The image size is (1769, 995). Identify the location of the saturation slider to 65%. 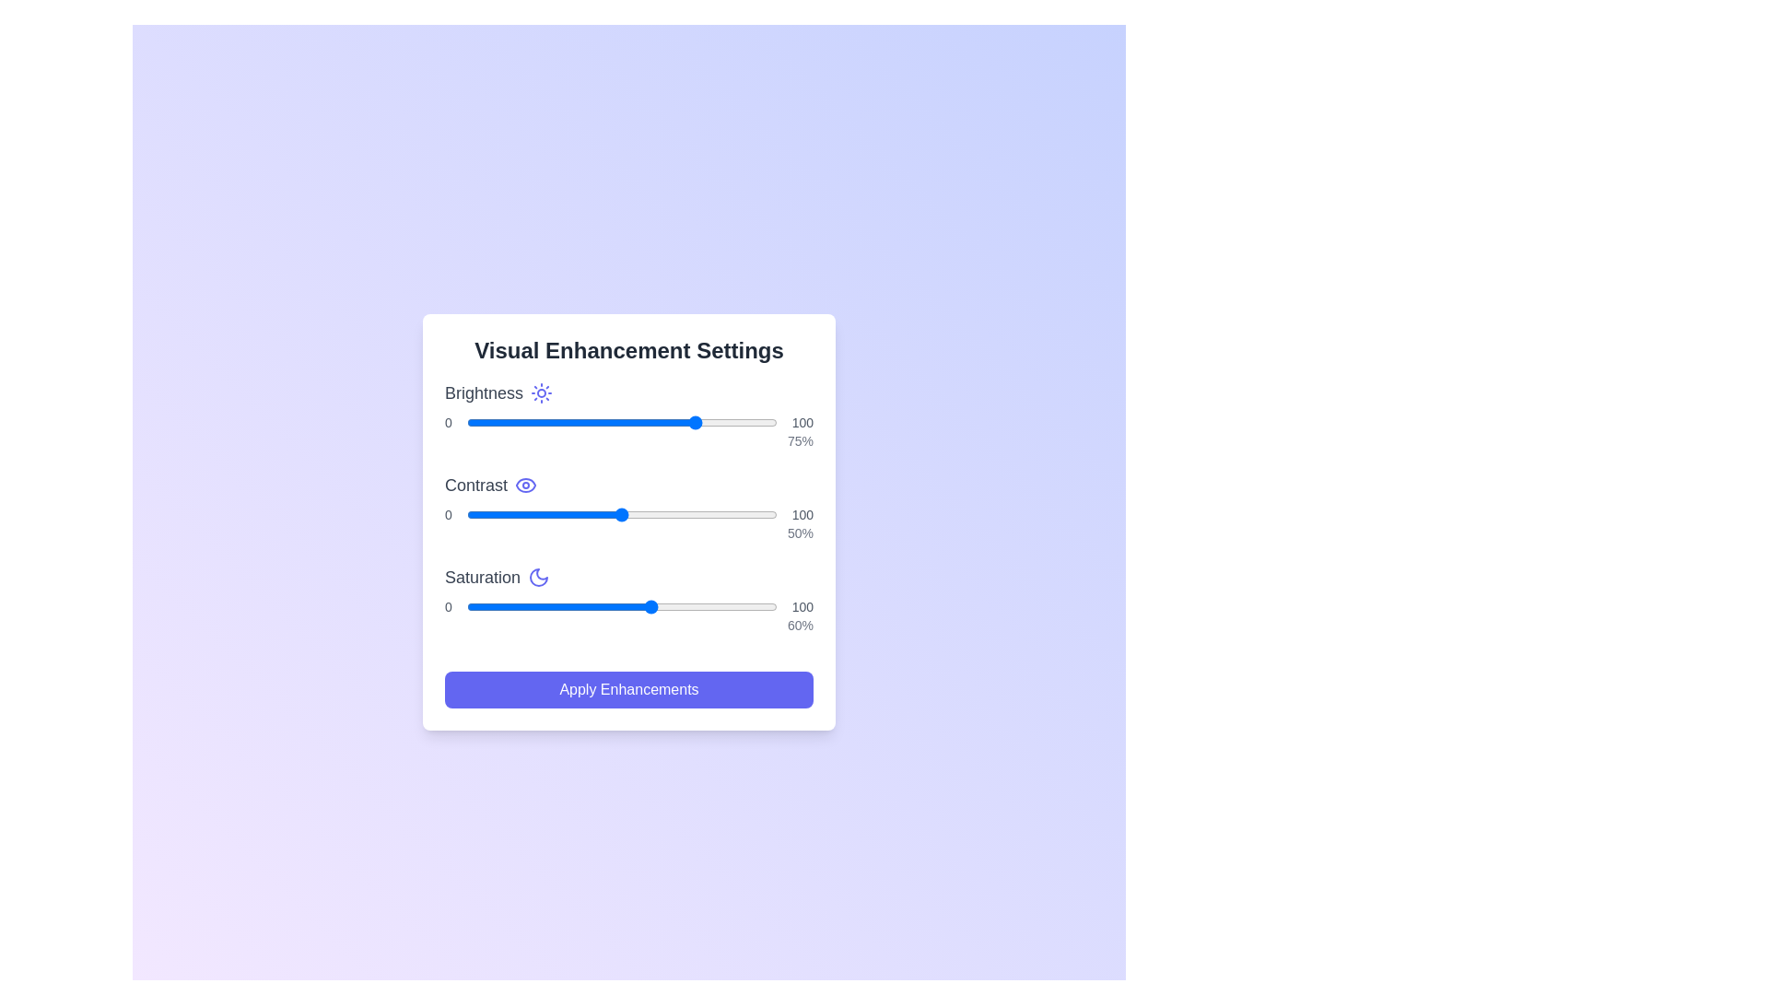
(667, 607).